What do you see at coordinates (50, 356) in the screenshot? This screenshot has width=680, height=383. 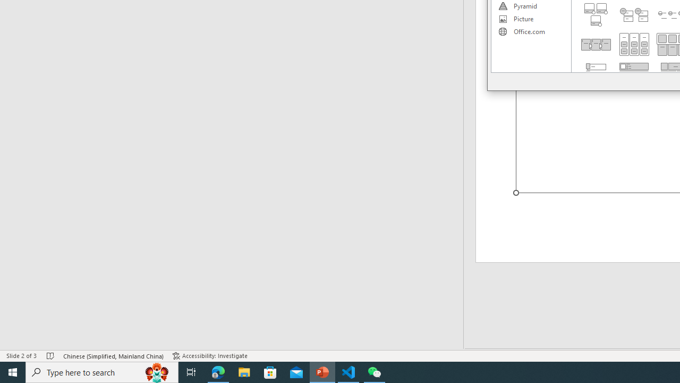 I see `'Spell Check No Errors'` at bounding box center [50, 356].